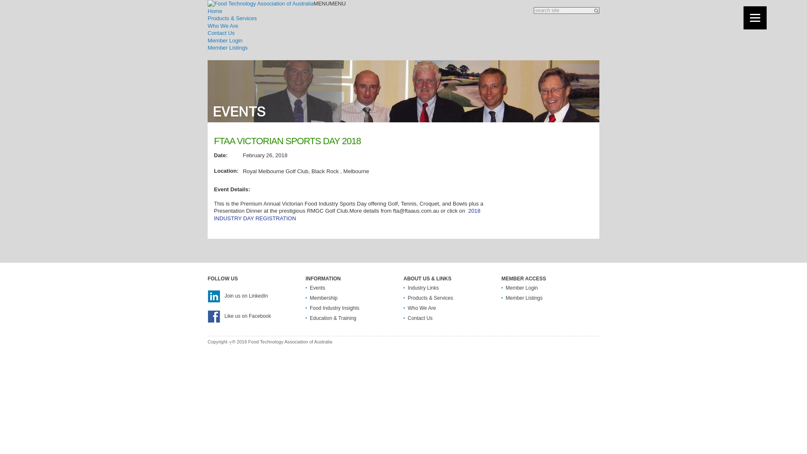 This screenshot has height=454, width=807. I want to click on 'Contact Us', so click(221, 32).